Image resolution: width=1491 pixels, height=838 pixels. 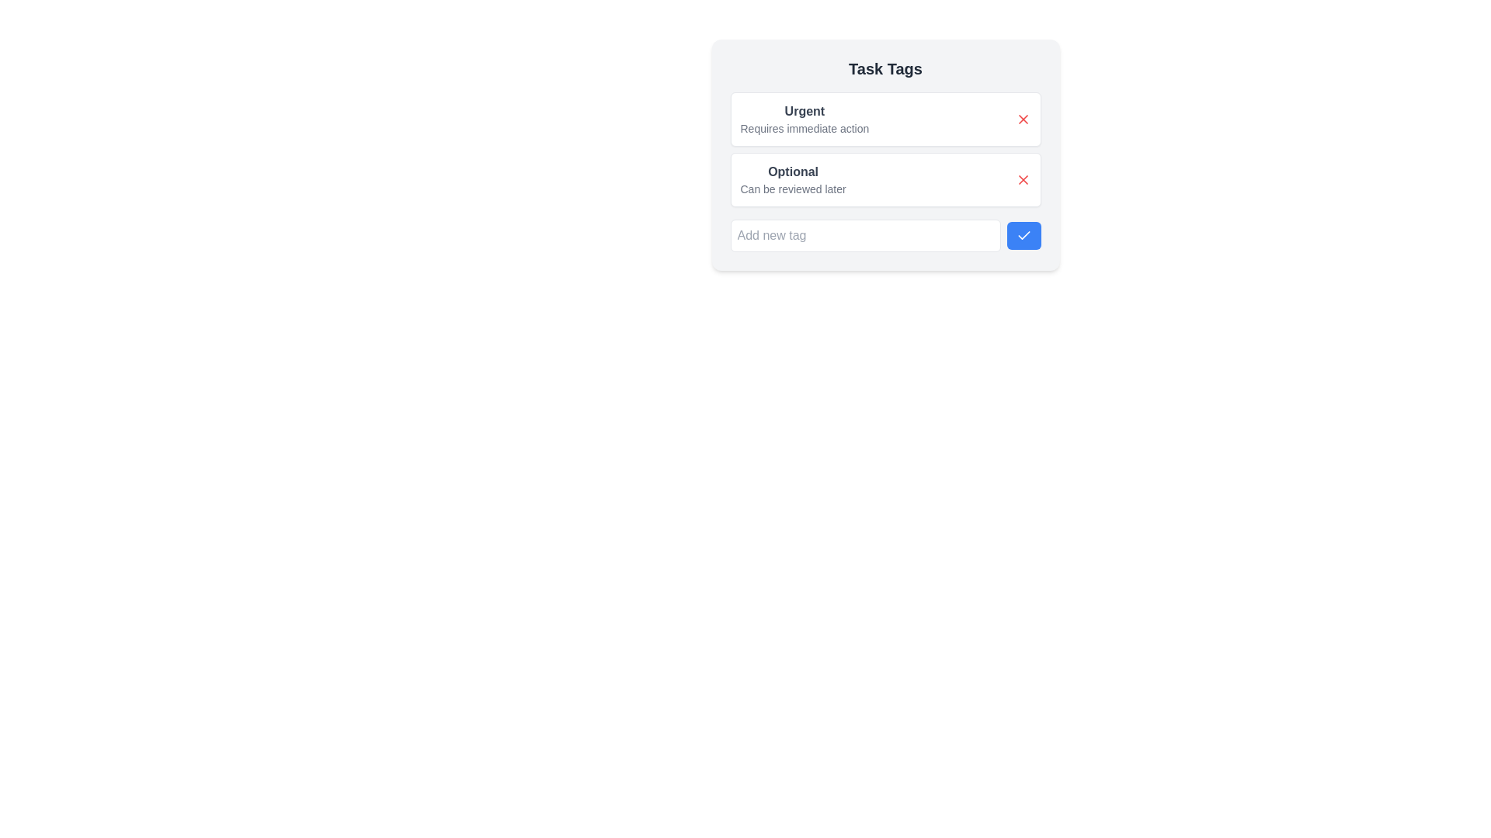 What do you see at coordinates (805, 127) in the screenshot?
I see `the Text label that provides additional descriptive information associated with the 'Urgent' label, located under the bold title 'Urgent' in the 'Task Tags' widget` at bounding box center [805, 127].